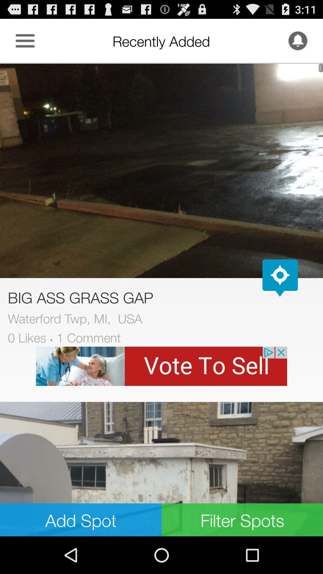 The width and height of the screenshot is (323, 574). What do you see at coordinates (280, 278) in the screenshot?
I see `to display location` at bounding box center [280, 278].